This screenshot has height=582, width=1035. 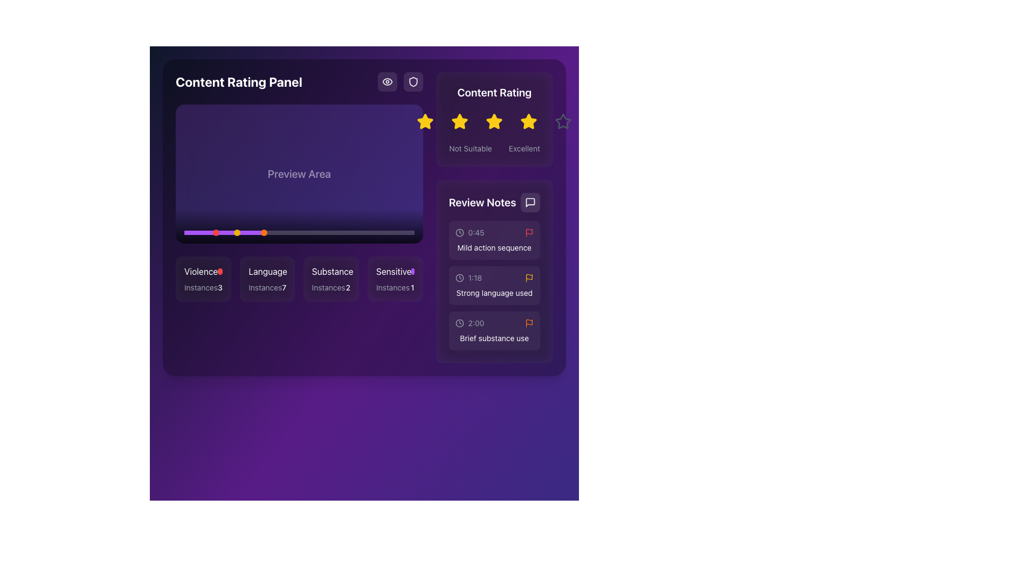 I want to click on text content of the label displaying 'Substance', which is styled in white font on a purple background and is the third text label from the left in a horizontal alignment near the bottom center of the interface, so click(x=332, y=271).